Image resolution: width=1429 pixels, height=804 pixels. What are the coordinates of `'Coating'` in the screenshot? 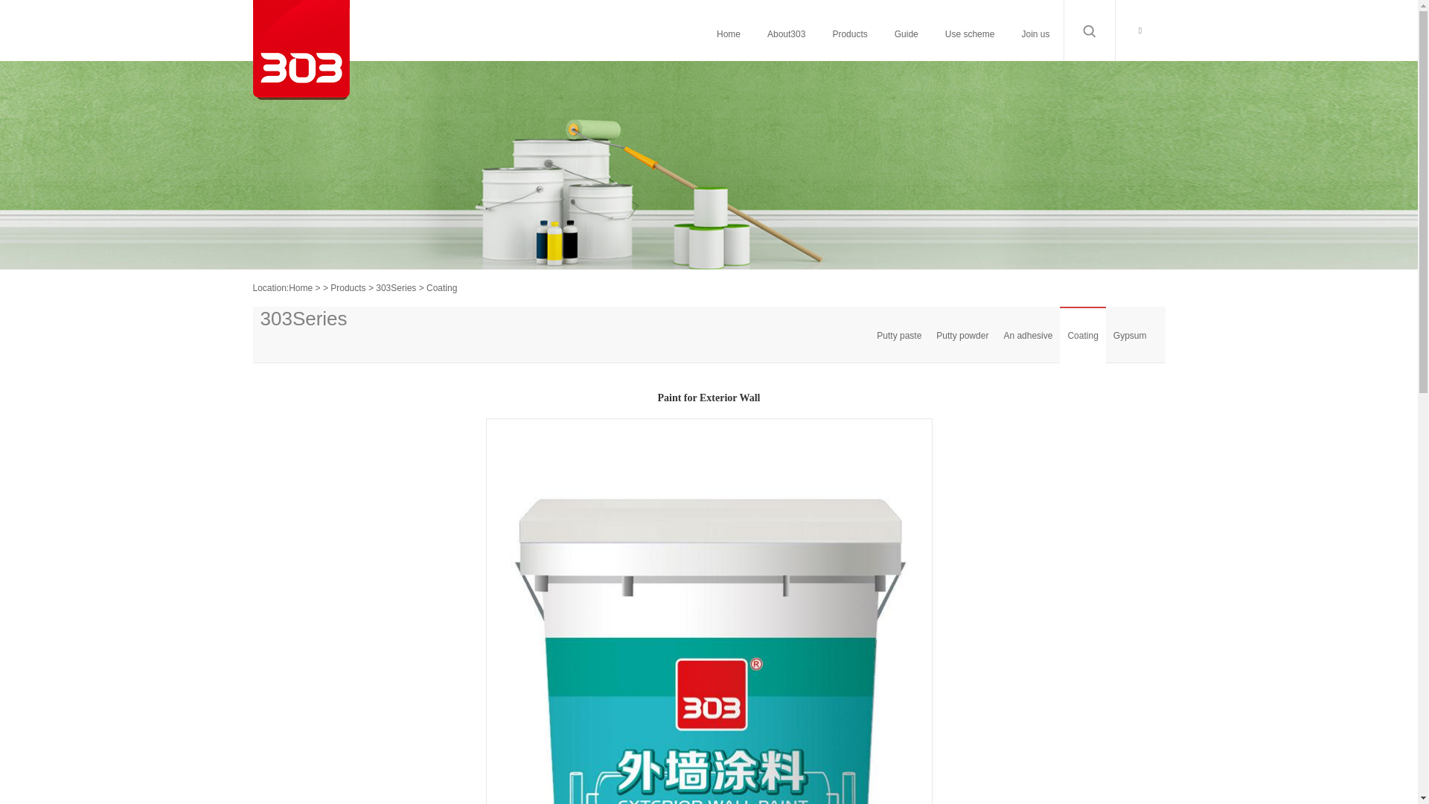 It's located at (1082, 335).